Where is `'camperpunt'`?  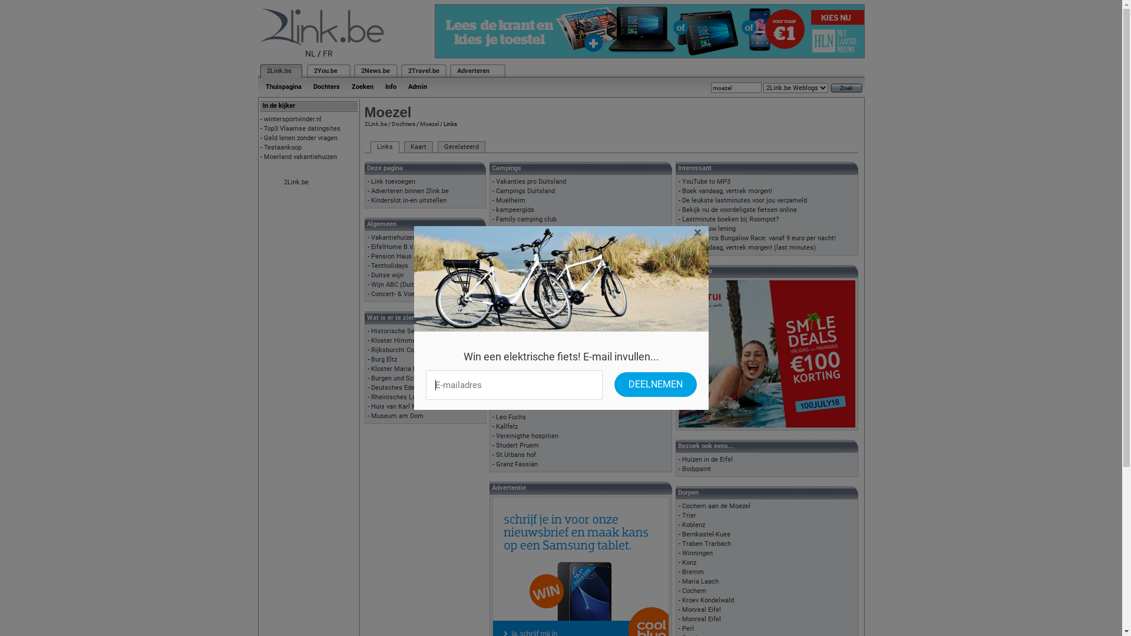
'camperpunt' is located at coordinates (514, 238).